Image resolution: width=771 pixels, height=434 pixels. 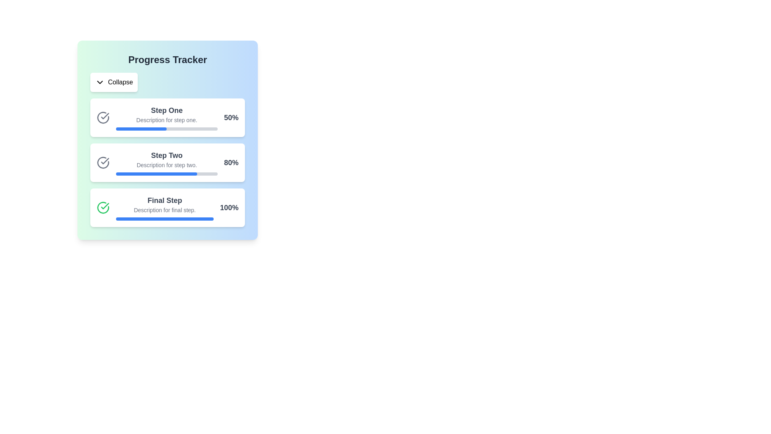 I want to click on the 'Step Two' progress indicator in the Progress Tracker section, which is currently 80% complete, so click(x=167, y=163).